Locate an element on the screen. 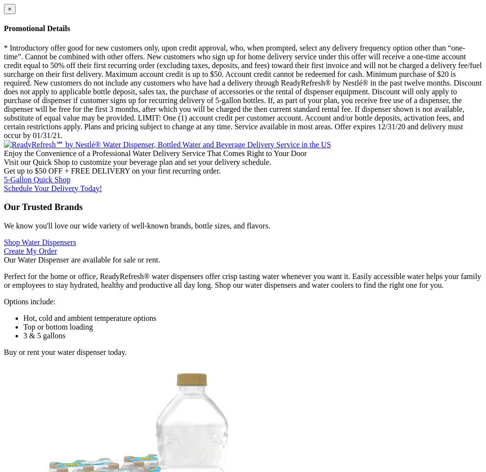  '3 & 5 gallons' is located at coordinates (23, 335).